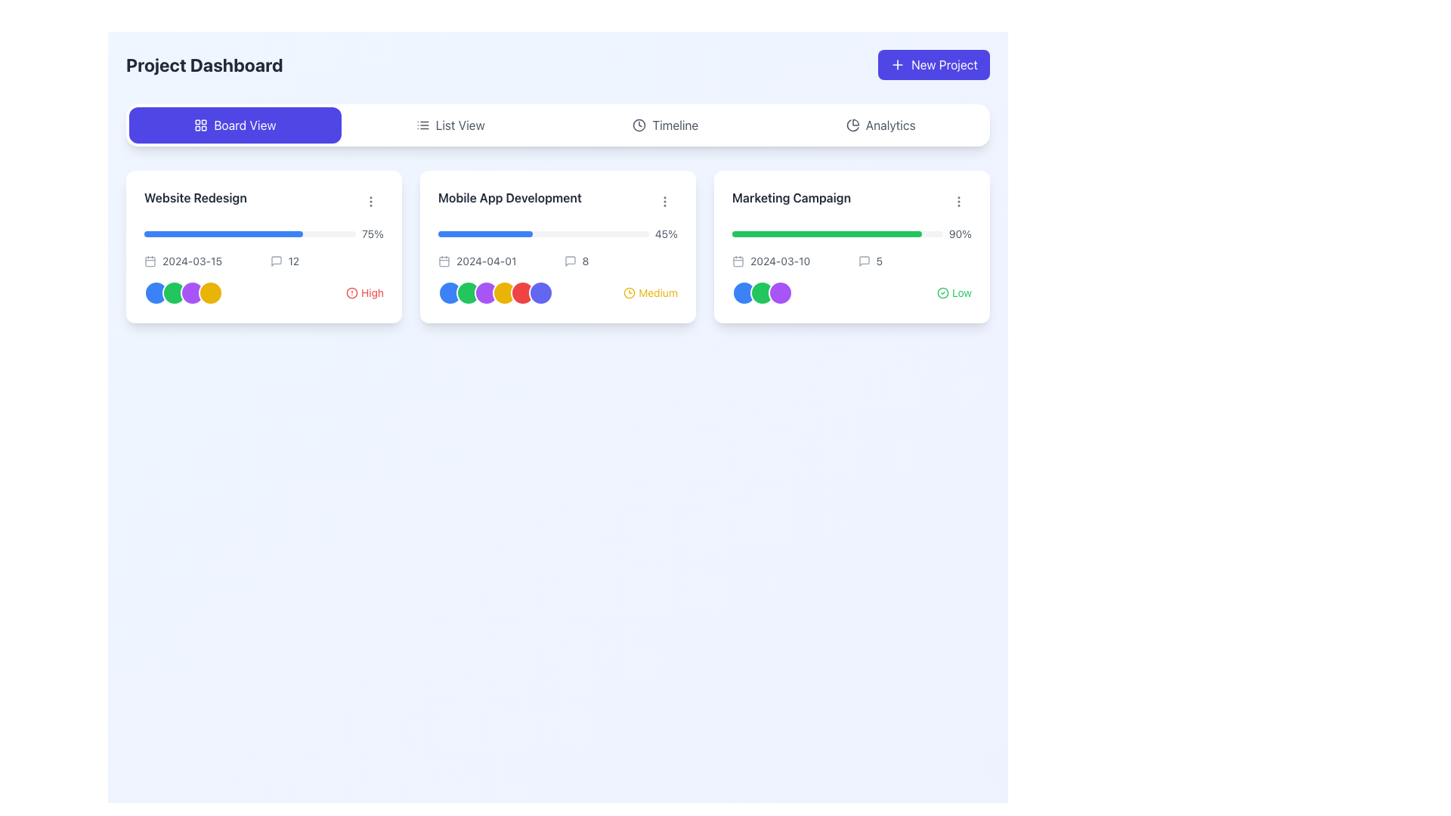 This screenshot has height=816, width=1451. What do you see at coordinates (276, 261) in the screenshot?
I see `the Message/Comment Indicator icon located in the 'Website Redesign' card, which resembles a speech bubble and is positioned next to the count '12'` at bounding box center [276, 261].